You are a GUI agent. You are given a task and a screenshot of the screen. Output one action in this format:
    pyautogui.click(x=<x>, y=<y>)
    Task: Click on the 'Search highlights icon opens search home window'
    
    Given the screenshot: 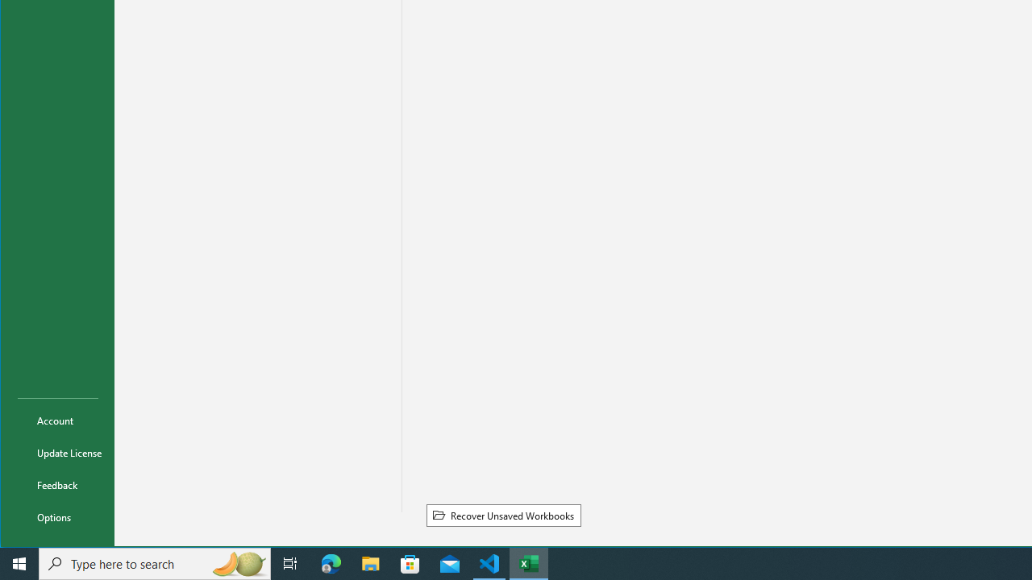 What is the action you would take?
    pyautogui.click(x=237, y=562)
    